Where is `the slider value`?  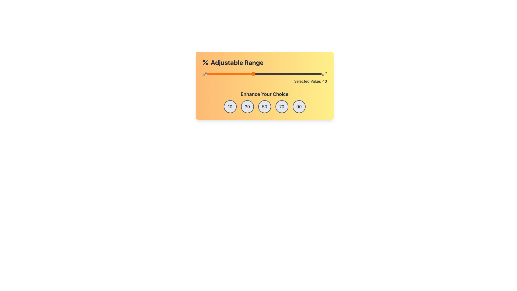 the slider value is located at coordinates (301, 74).